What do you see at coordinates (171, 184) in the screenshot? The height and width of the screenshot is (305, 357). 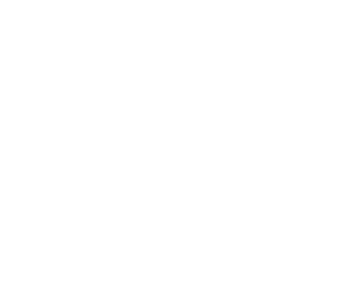 I see `'£46,490'` at bounding box center [171, 184].